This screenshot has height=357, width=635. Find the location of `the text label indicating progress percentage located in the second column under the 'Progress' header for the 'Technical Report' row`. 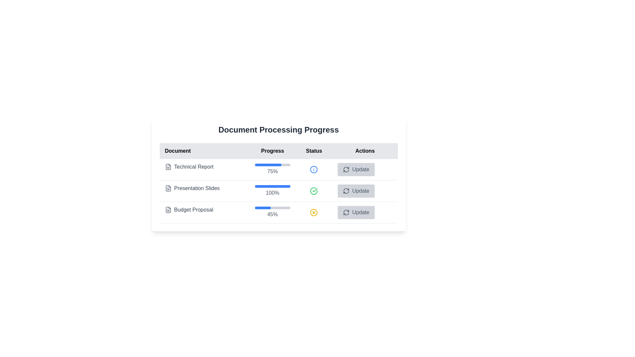

the text label indicating progress percentage located in the second column under the 'Progress' header for the 'Technical Report' row is located at coordinates (273, 169).